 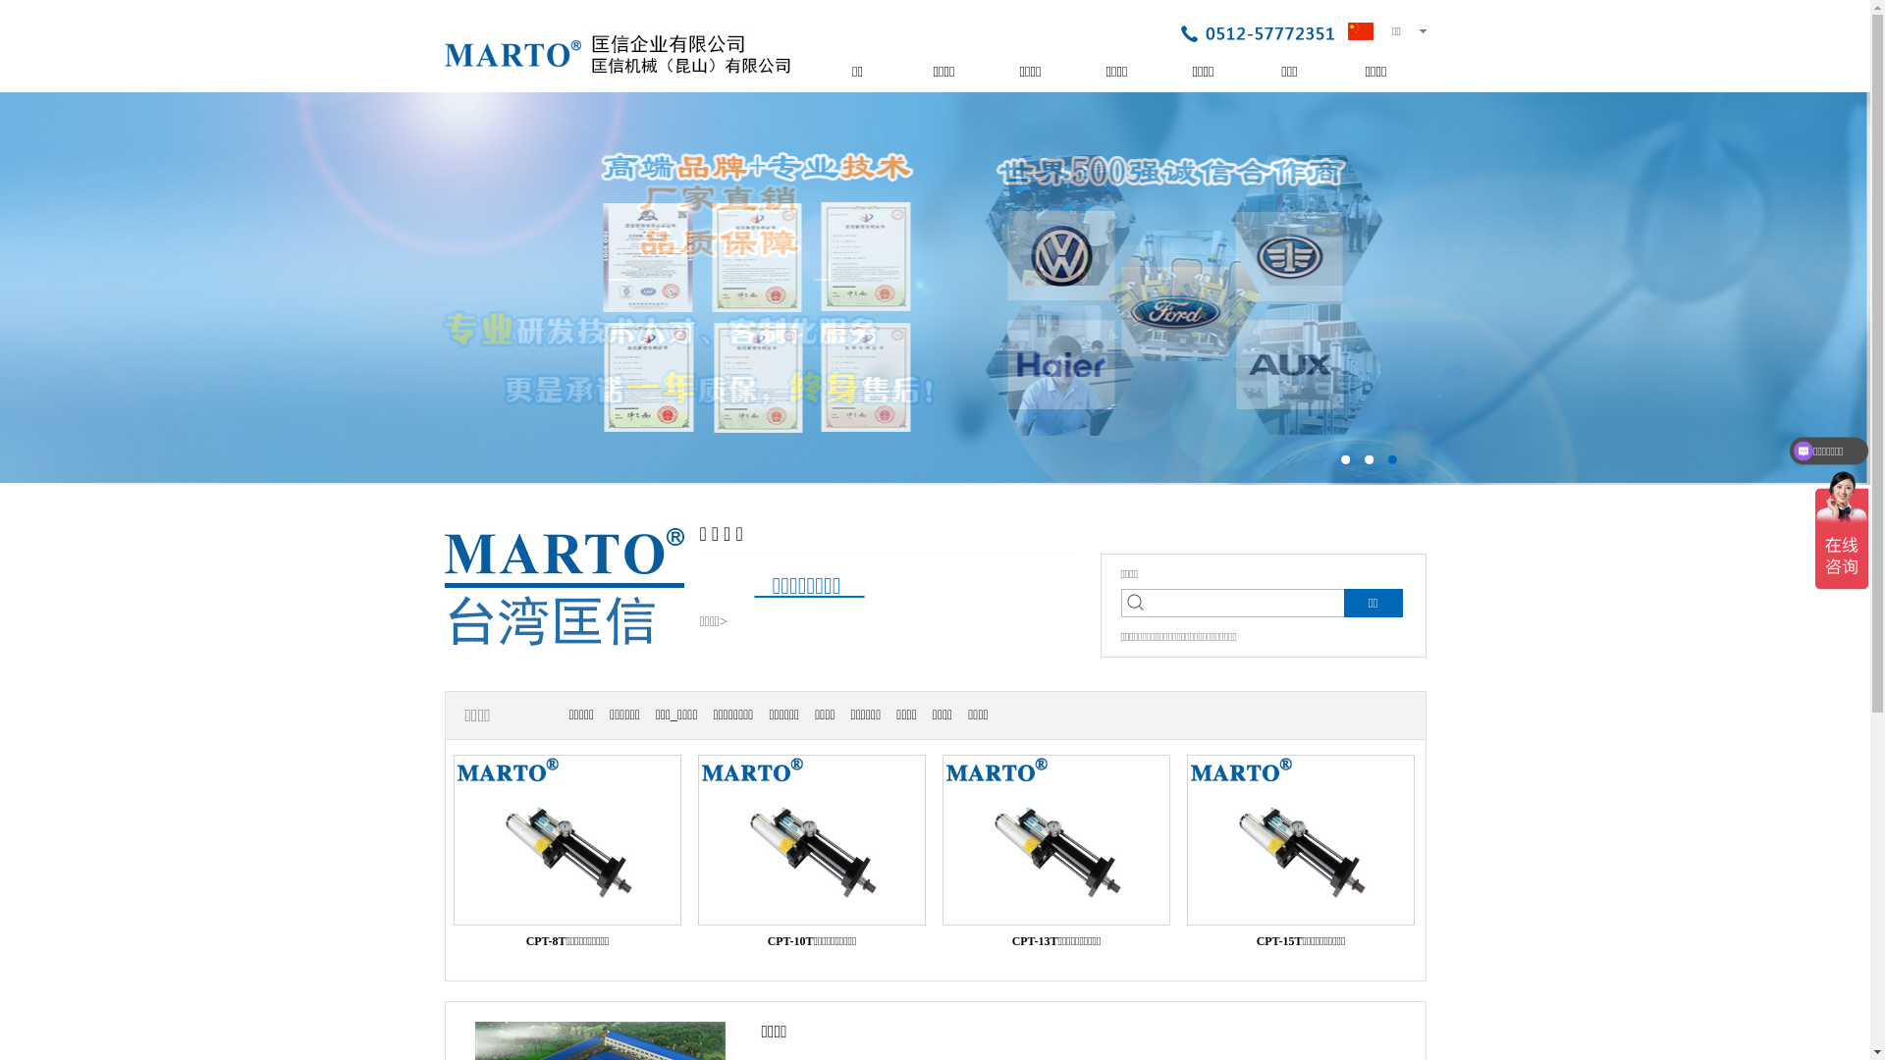 What do you see at coordinates (1391, 459) in the screenshot?
I see `'3'` at bounding box center [1391, 459].